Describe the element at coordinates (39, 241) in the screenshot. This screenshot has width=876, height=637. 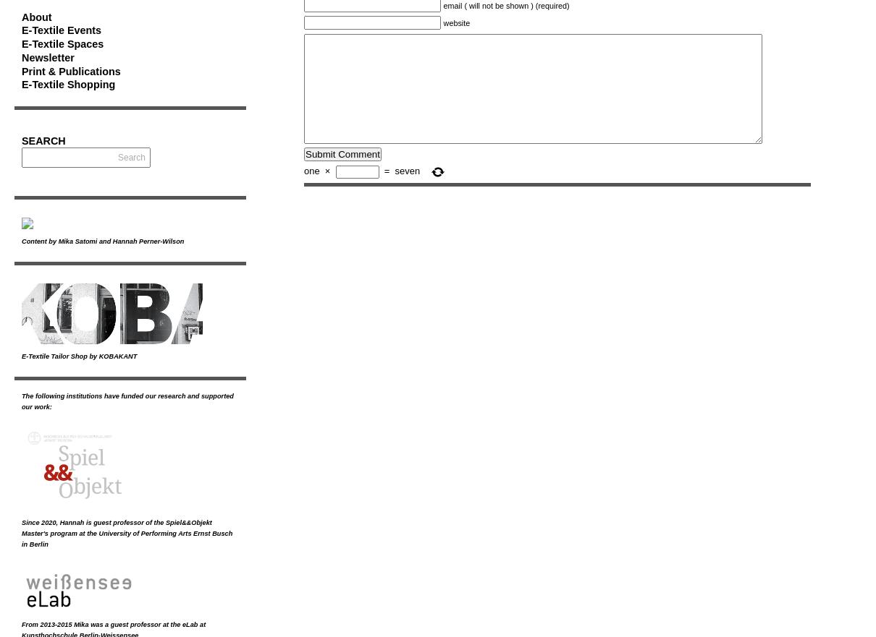
I see `'Content by'` at that location.